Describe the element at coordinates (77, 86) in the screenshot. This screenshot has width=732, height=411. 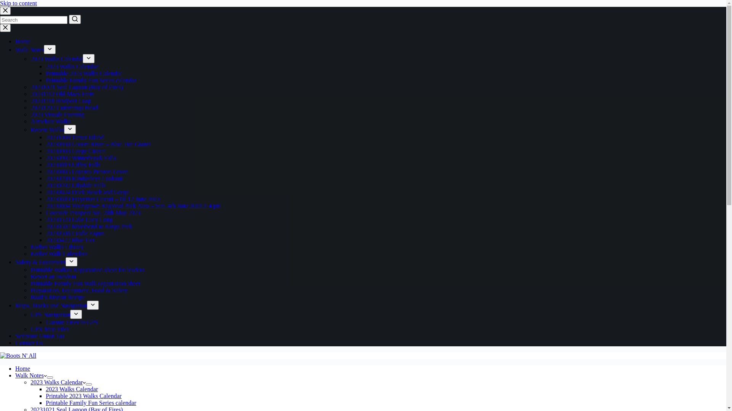
I see `'20231021 Seal Lagoon (Bay of Fires)'` at that location.